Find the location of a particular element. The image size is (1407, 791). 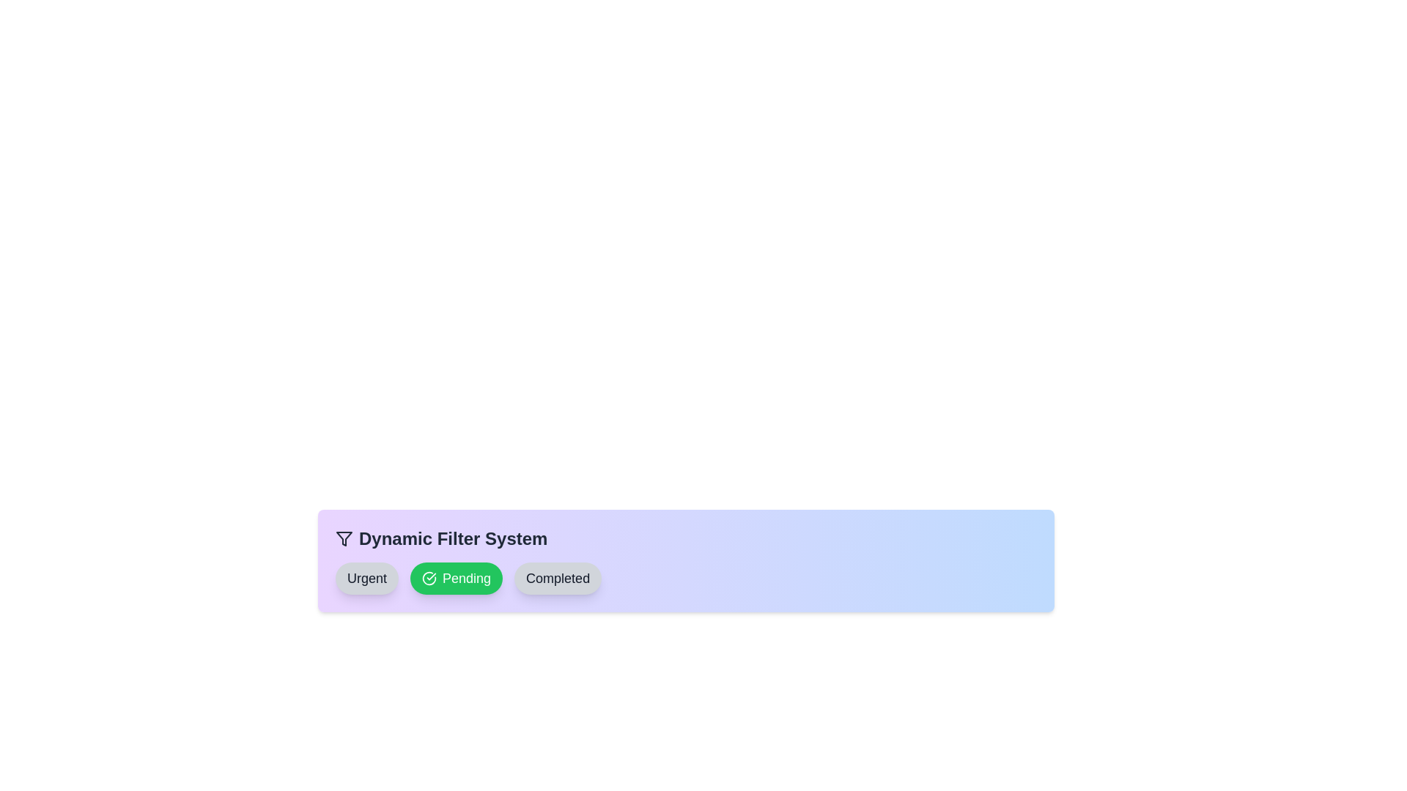

the 'Completed' filter chip to toggle its state is located at coordinates (557, 578).